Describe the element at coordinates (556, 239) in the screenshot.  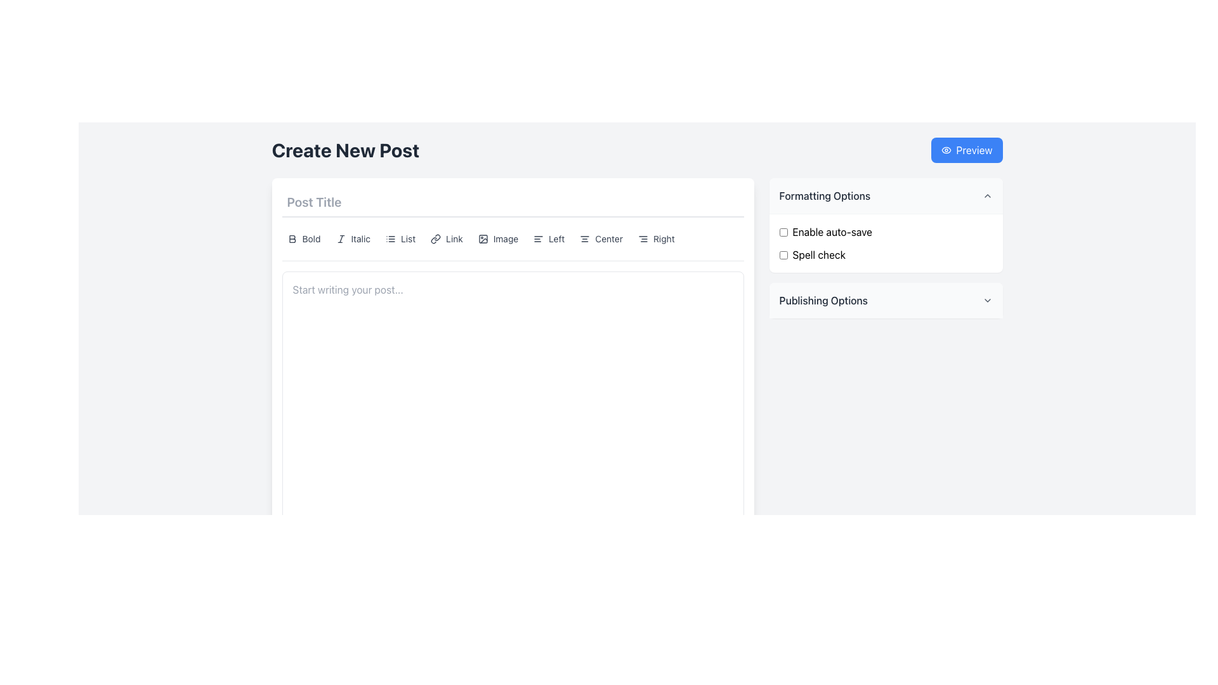
I see `the text label displaying 'Left', which is styled in gray and is part of a vertical alignment toolbar` at that location.